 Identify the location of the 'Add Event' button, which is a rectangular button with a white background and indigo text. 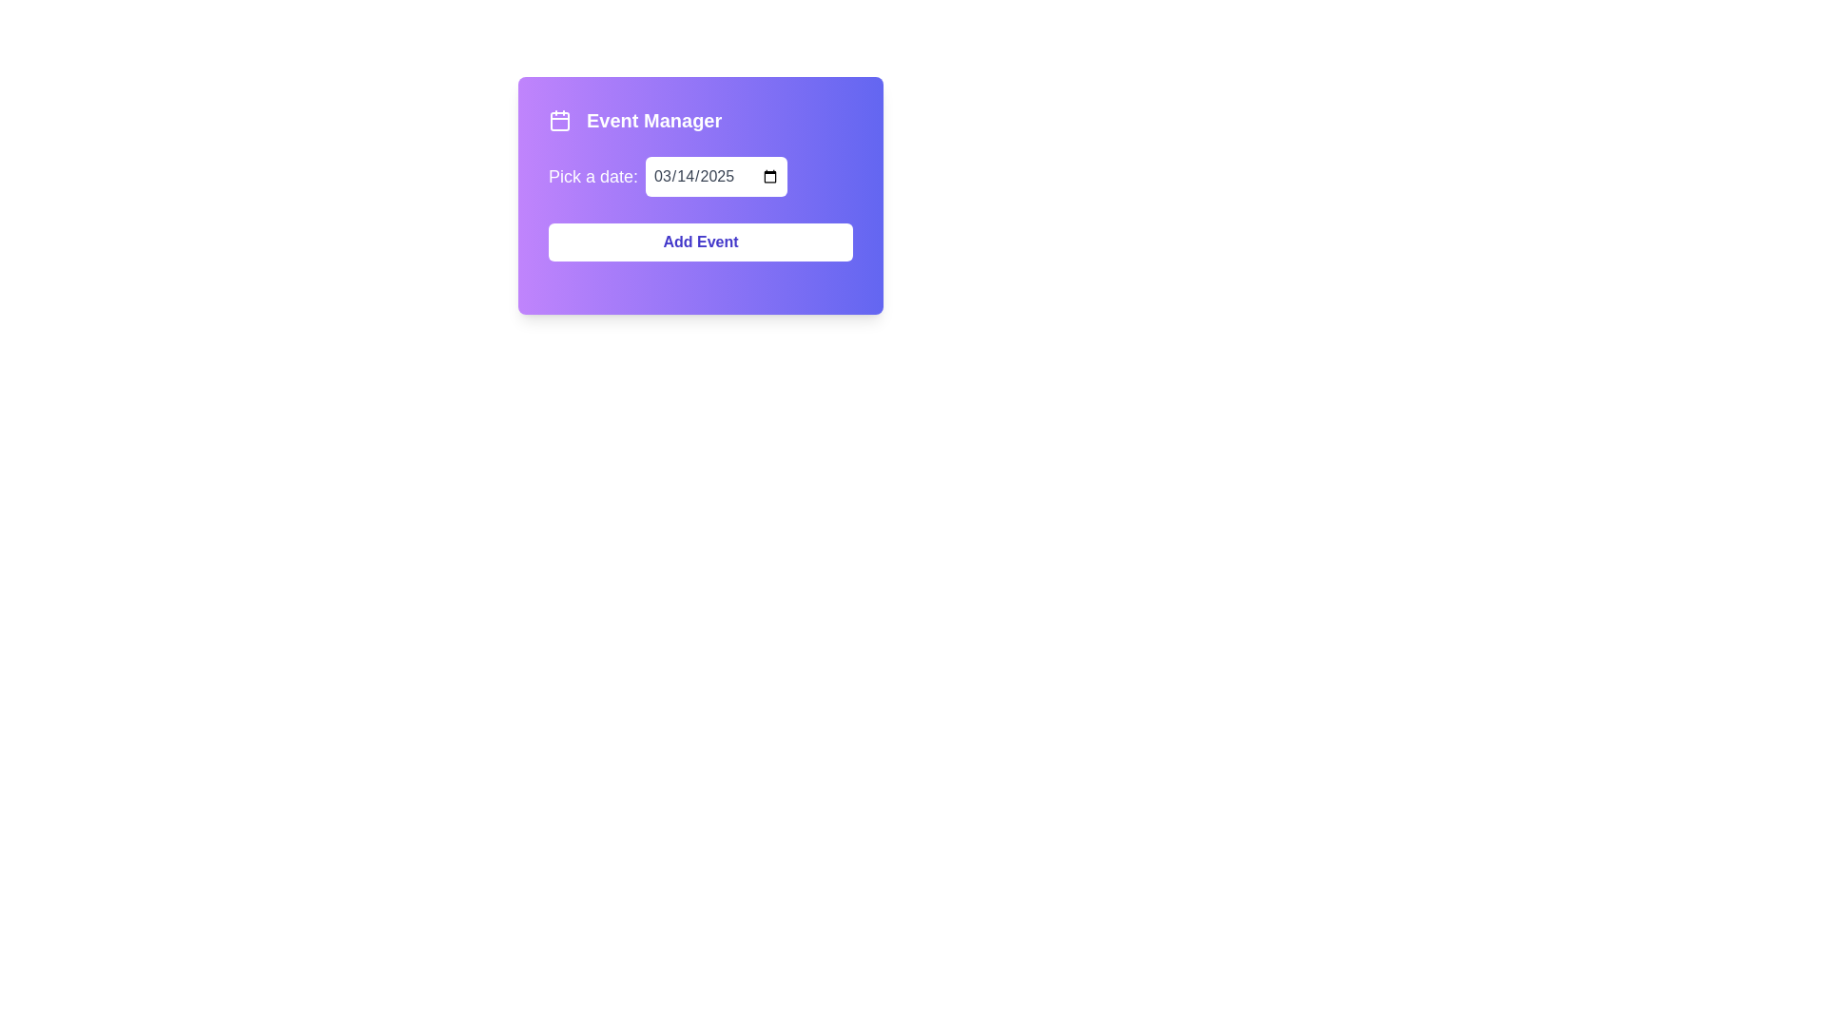
(700, 241).